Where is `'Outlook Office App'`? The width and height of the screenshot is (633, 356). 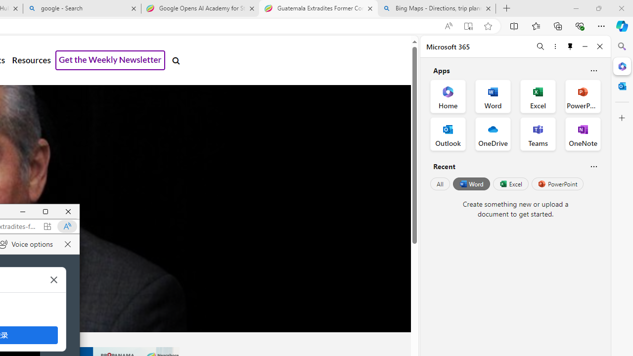
'Outlook Office App' is located at coordinates (448, 134).